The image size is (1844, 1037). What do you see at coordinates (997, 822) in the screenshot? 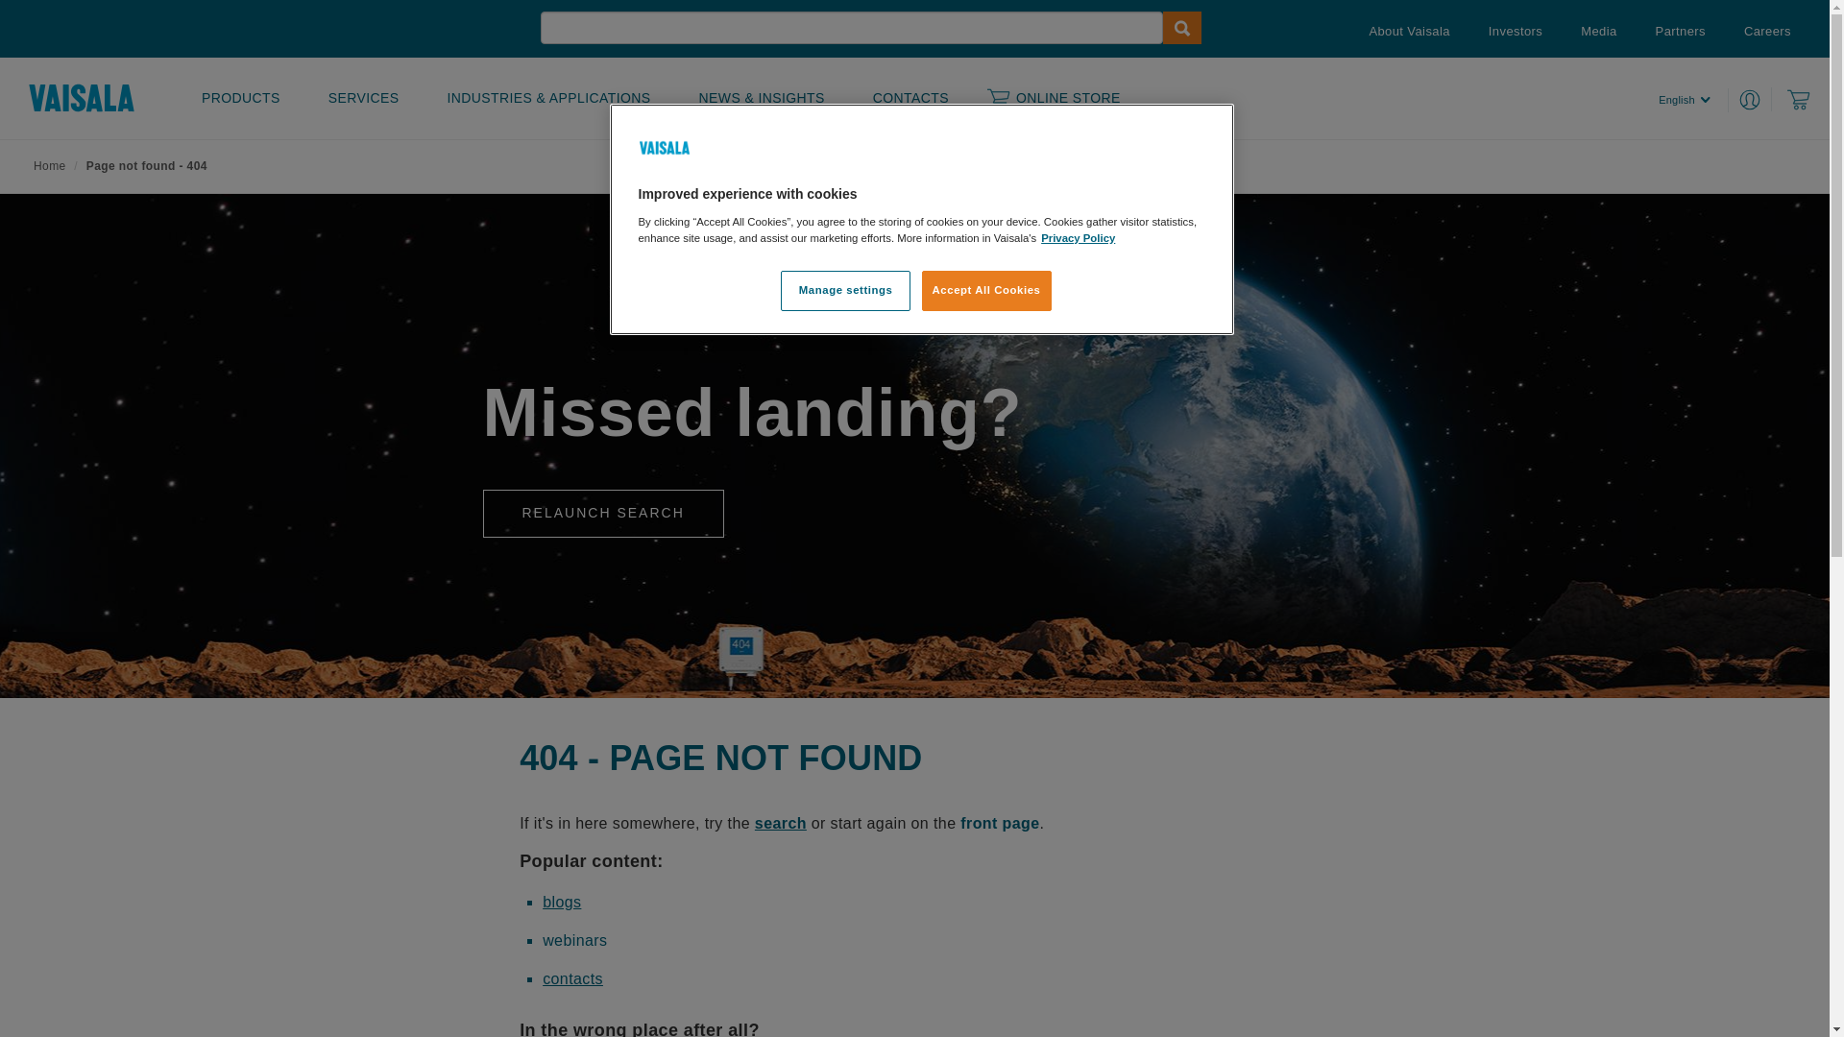
I see `' front page'` at bounding box center [997, 822].